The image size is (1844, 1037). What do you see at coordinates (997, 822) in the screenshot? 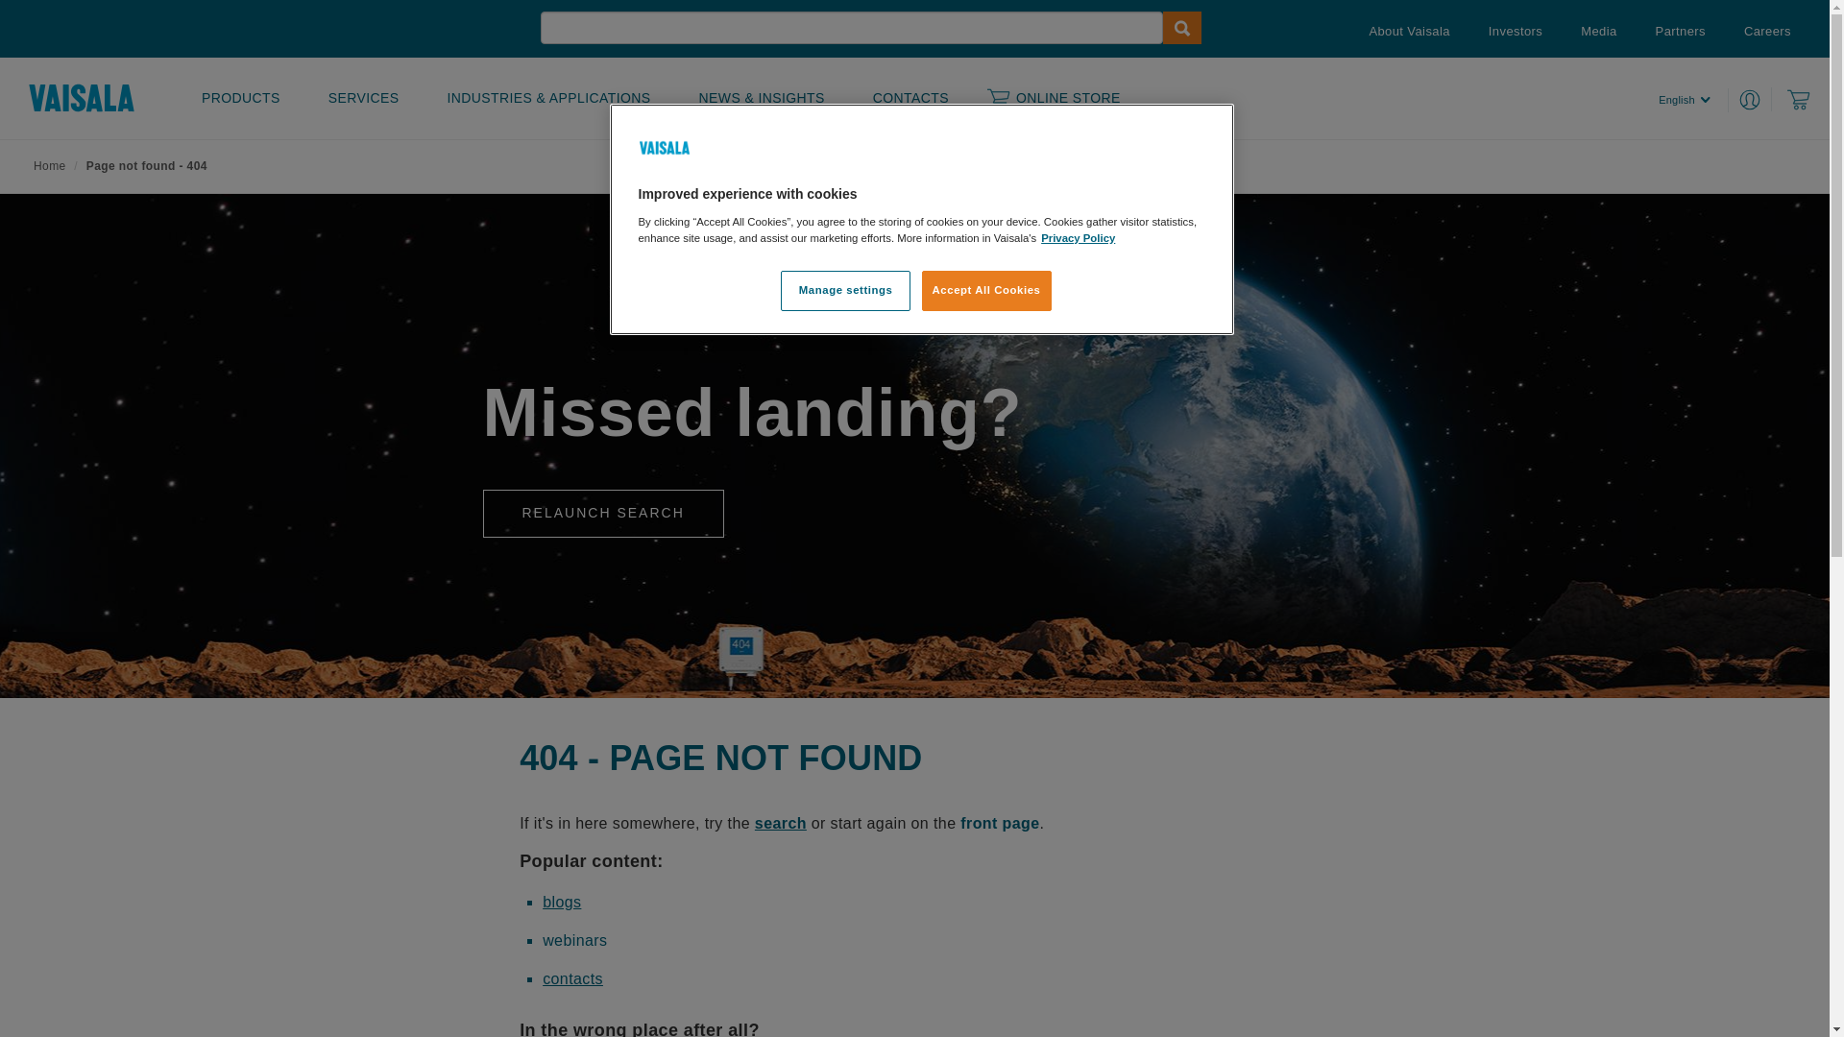
I see `' front page'` at bounding box center [997, 822].